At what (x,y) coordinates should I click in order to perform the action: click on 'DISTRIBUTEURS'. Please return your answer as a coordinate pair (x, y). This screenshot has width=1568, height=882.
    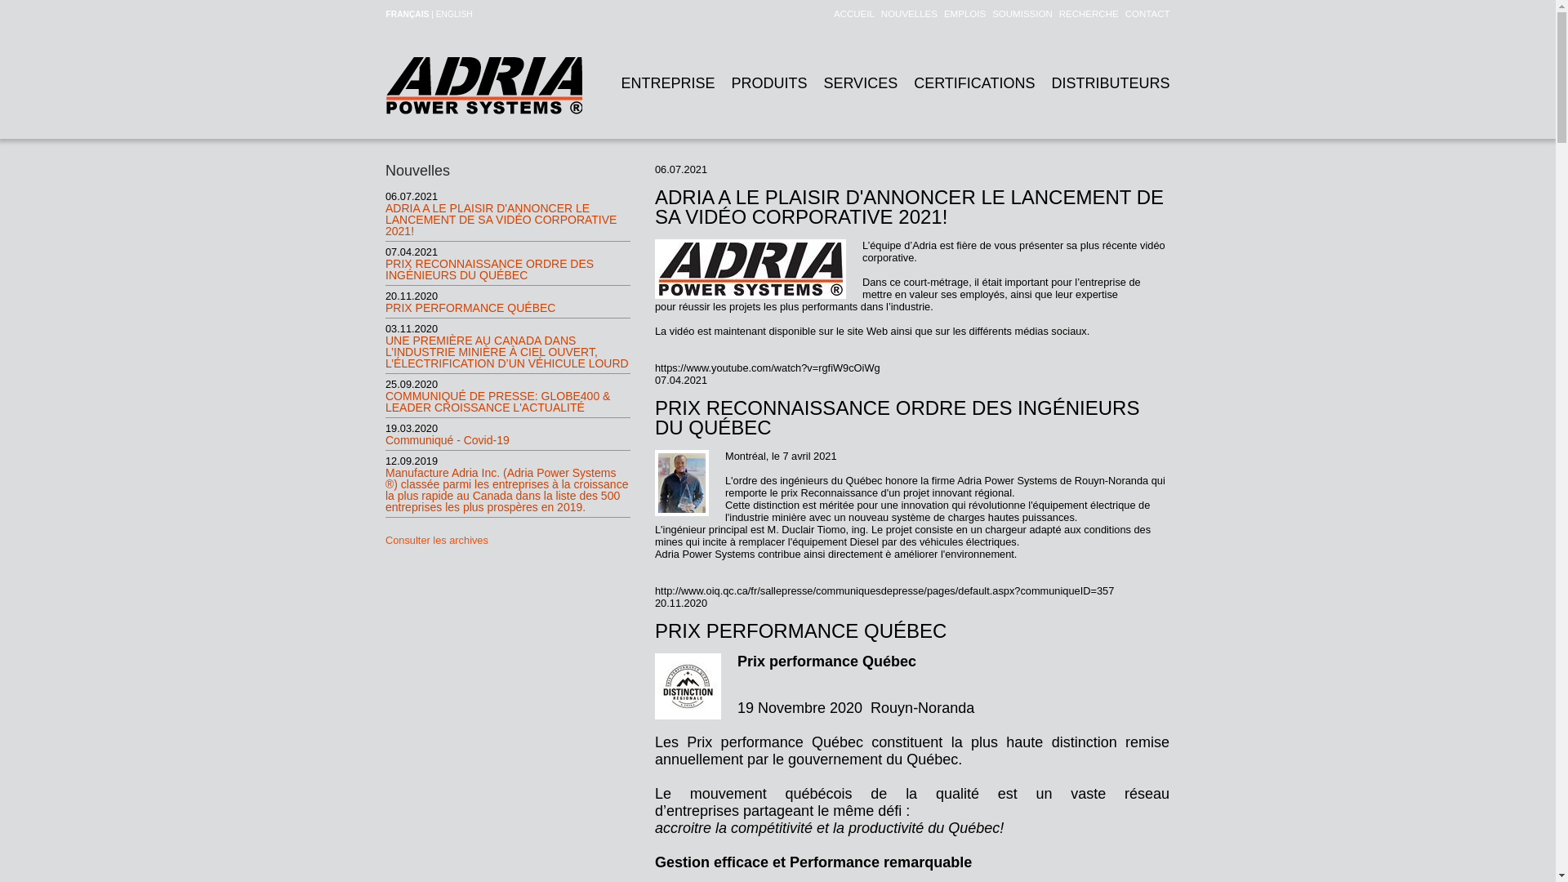
    Looking at the image, I should click on (1110, 82).